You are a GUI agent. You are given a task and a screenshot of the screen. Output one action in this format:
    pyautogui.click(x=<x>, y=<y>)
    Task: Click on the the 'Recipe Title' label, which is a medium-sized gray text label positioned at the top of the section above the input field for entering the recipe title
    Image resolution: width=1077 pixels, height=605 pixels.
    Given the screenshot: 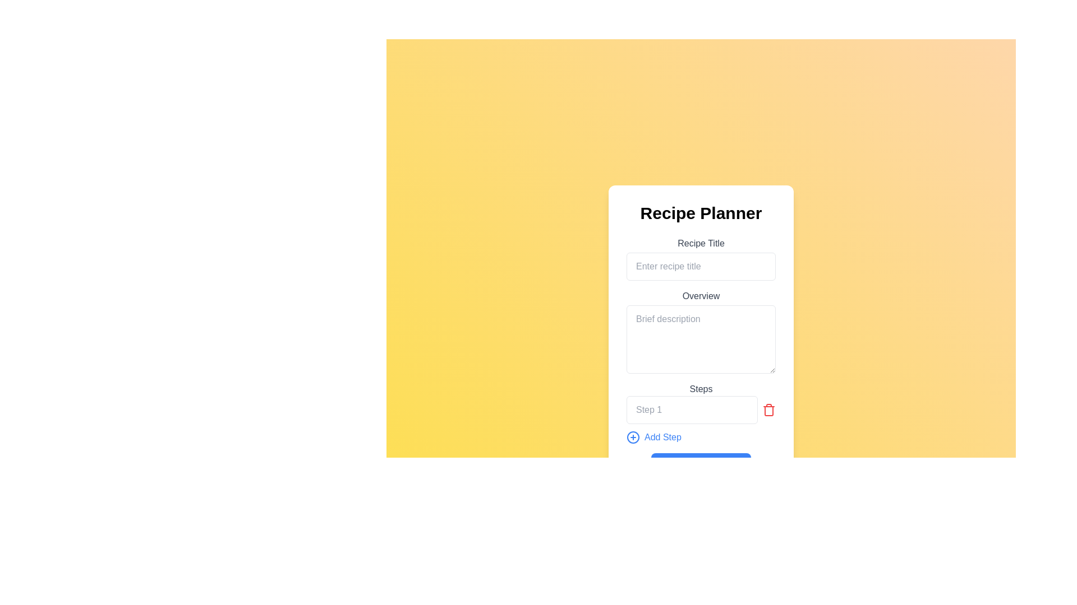 What is the action you would take?
    pyautogui.click(x=700, y=243)
    